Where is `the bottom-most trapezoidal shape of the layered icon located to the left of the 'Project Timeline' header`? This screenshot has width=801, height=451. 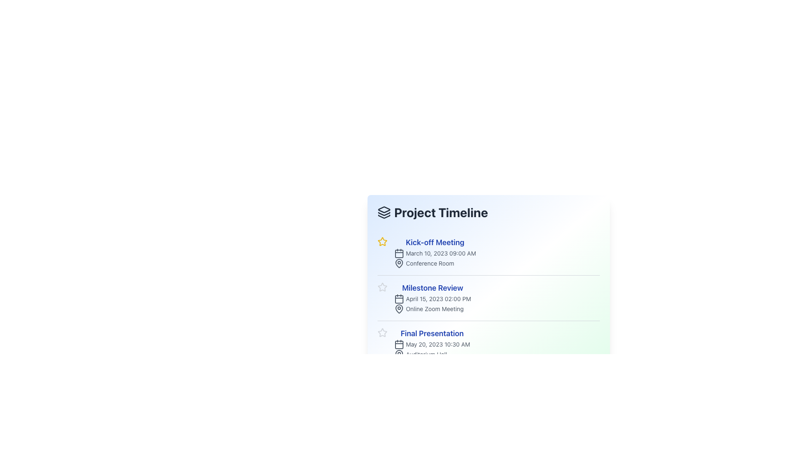
the bottom-most trapezoidal shape of the layered icon located to the left of the 'Project Timeline' header is located at coordinates (384, 216).